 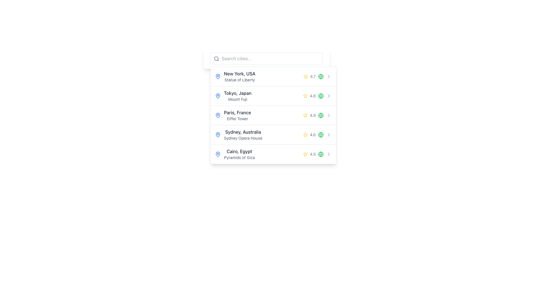 I want to click on the decorative globe icon located to the right of the 'New York, USA' list item in the suggestions dropdown, so click(x=321, y=77).